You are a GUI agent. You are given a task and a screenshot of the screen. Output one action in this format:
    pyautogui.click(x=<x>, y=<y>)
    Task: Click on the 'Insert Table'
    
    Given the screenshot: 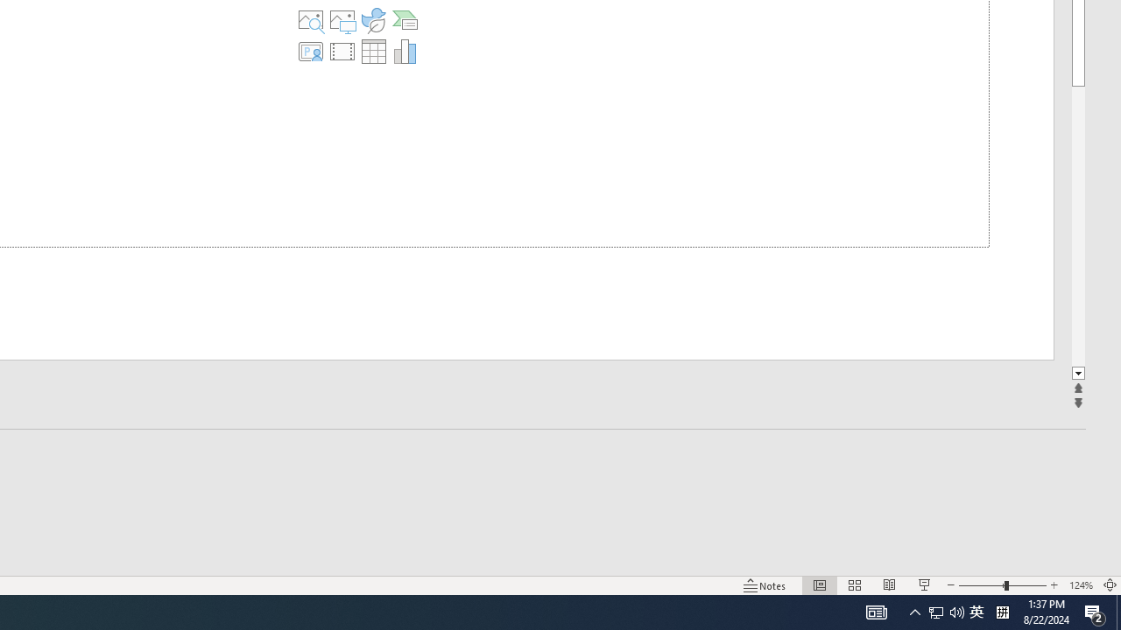 What is the action you would take?
    pyautogui.click(x=372, y=51)
    